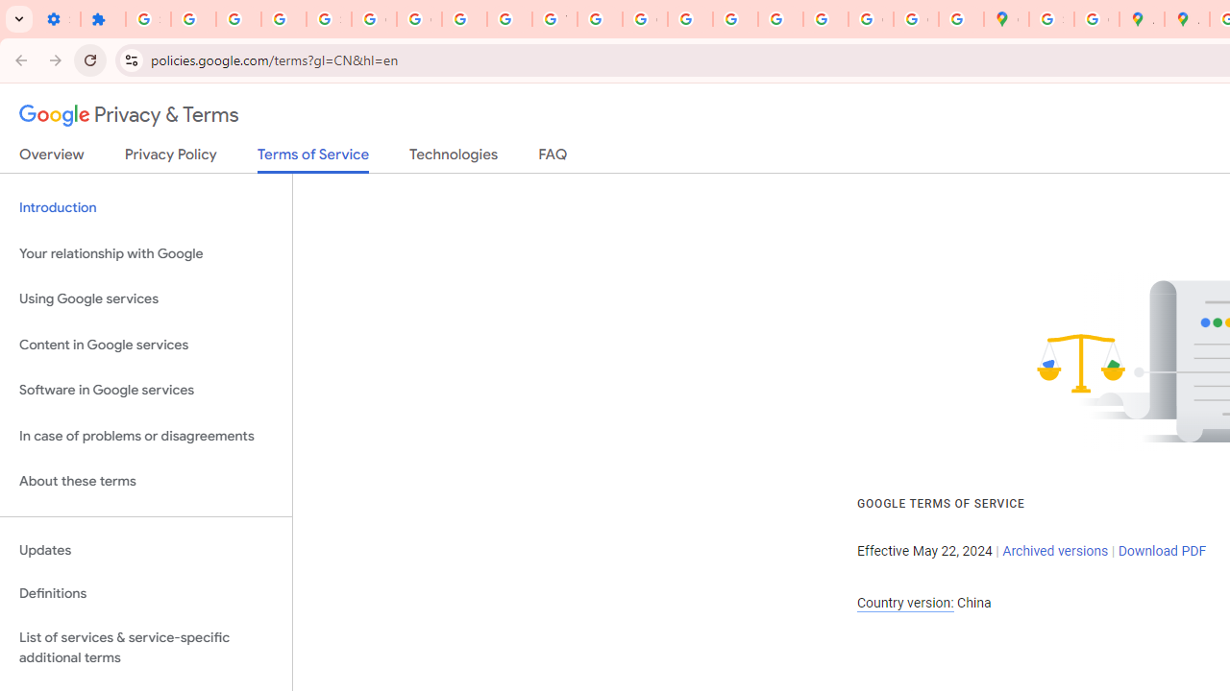  I want to click on 'Sign in - Google Accounts', so click(147, 19).